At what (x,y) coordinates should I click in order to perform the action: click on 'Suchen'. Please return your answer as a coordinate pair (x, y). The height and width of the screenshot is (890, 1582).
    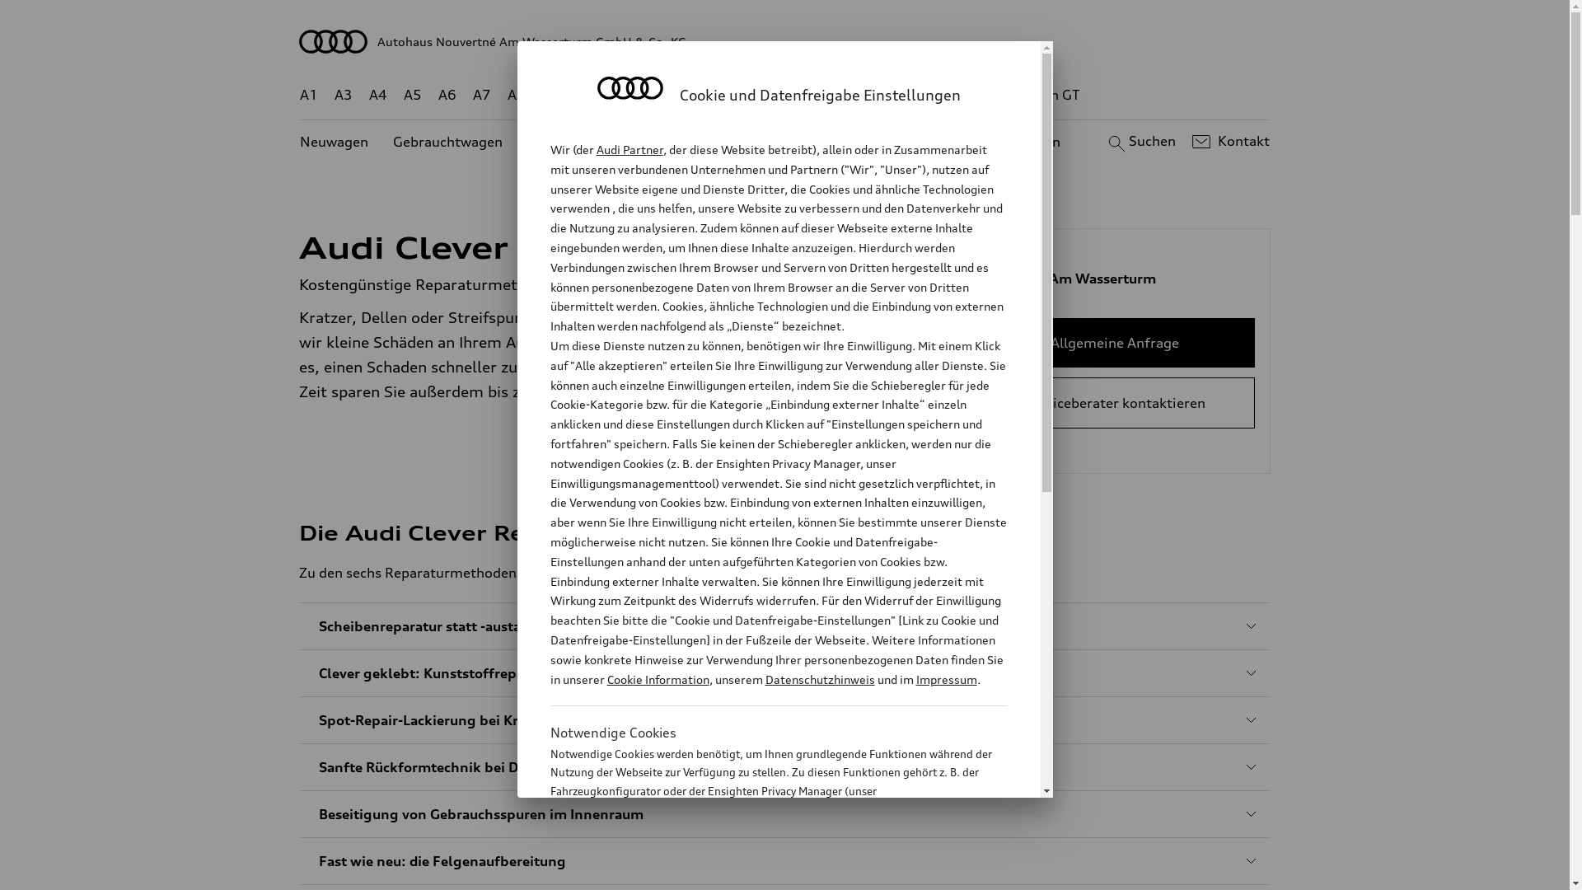
    Looking at the image, I should click on (1139, 141).